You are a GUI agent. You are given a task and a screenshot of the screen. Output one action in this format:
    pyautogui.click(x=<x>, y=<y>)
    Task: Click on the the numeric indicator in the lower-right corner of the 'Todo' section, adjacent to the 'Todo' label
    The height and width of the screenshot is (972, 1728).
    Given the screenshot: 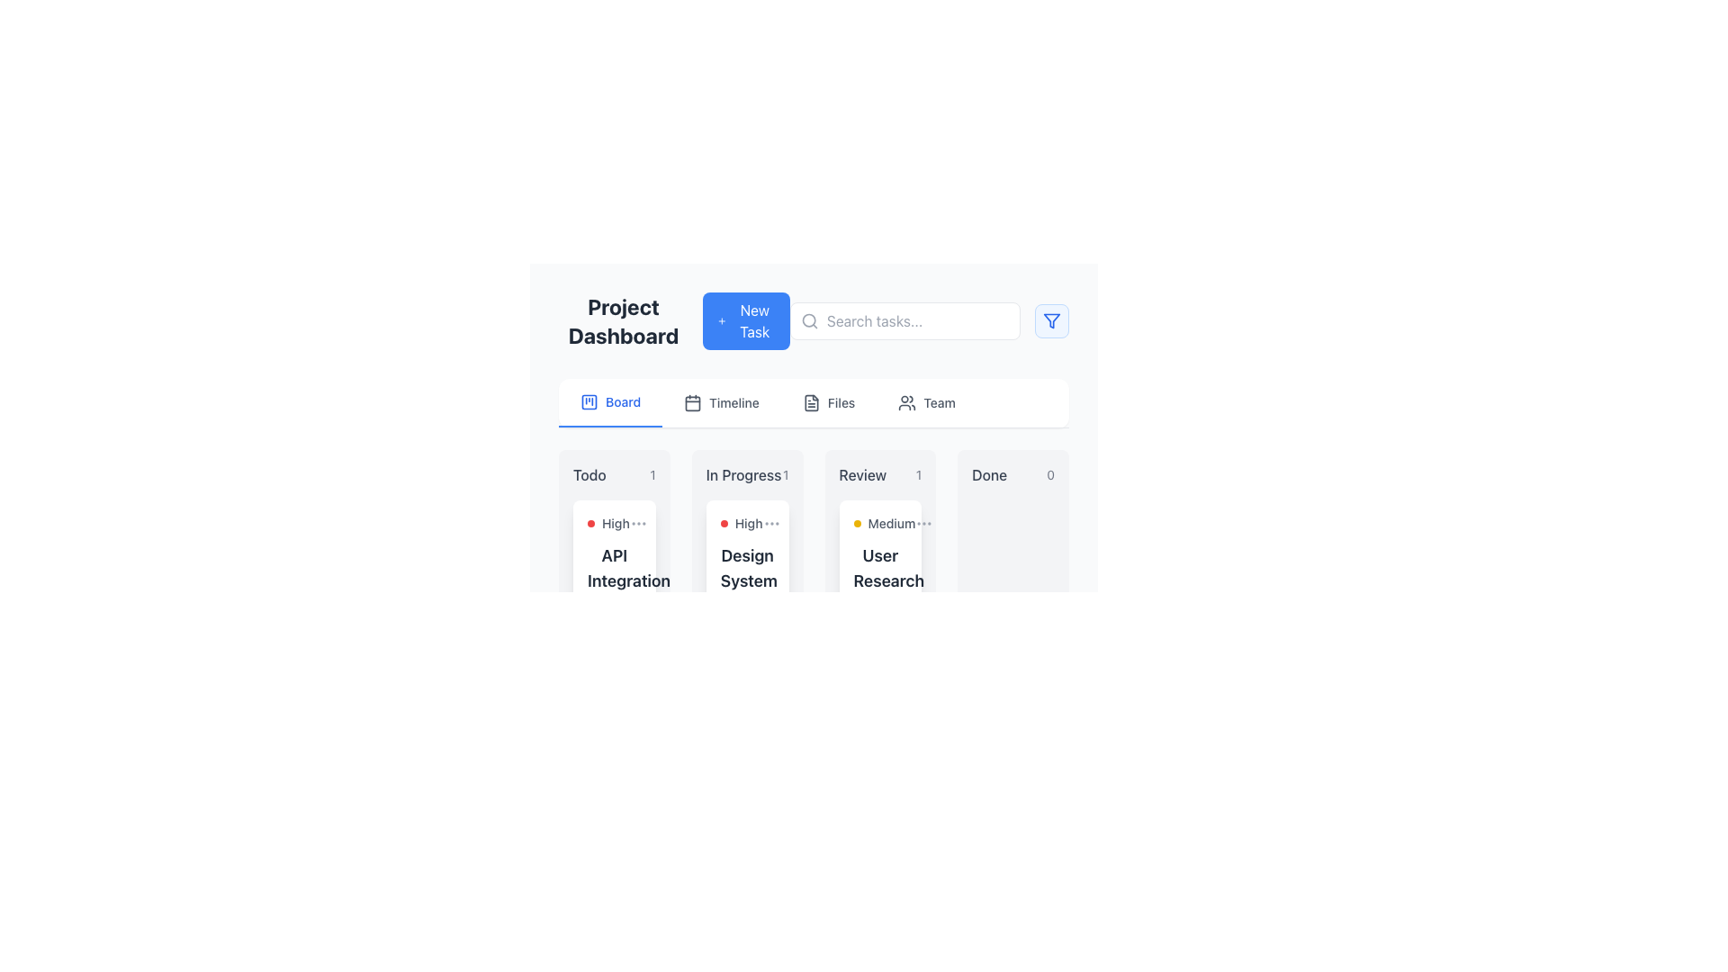 What is the action you would take?
    pyautogui.click(x=652, y=474)
    